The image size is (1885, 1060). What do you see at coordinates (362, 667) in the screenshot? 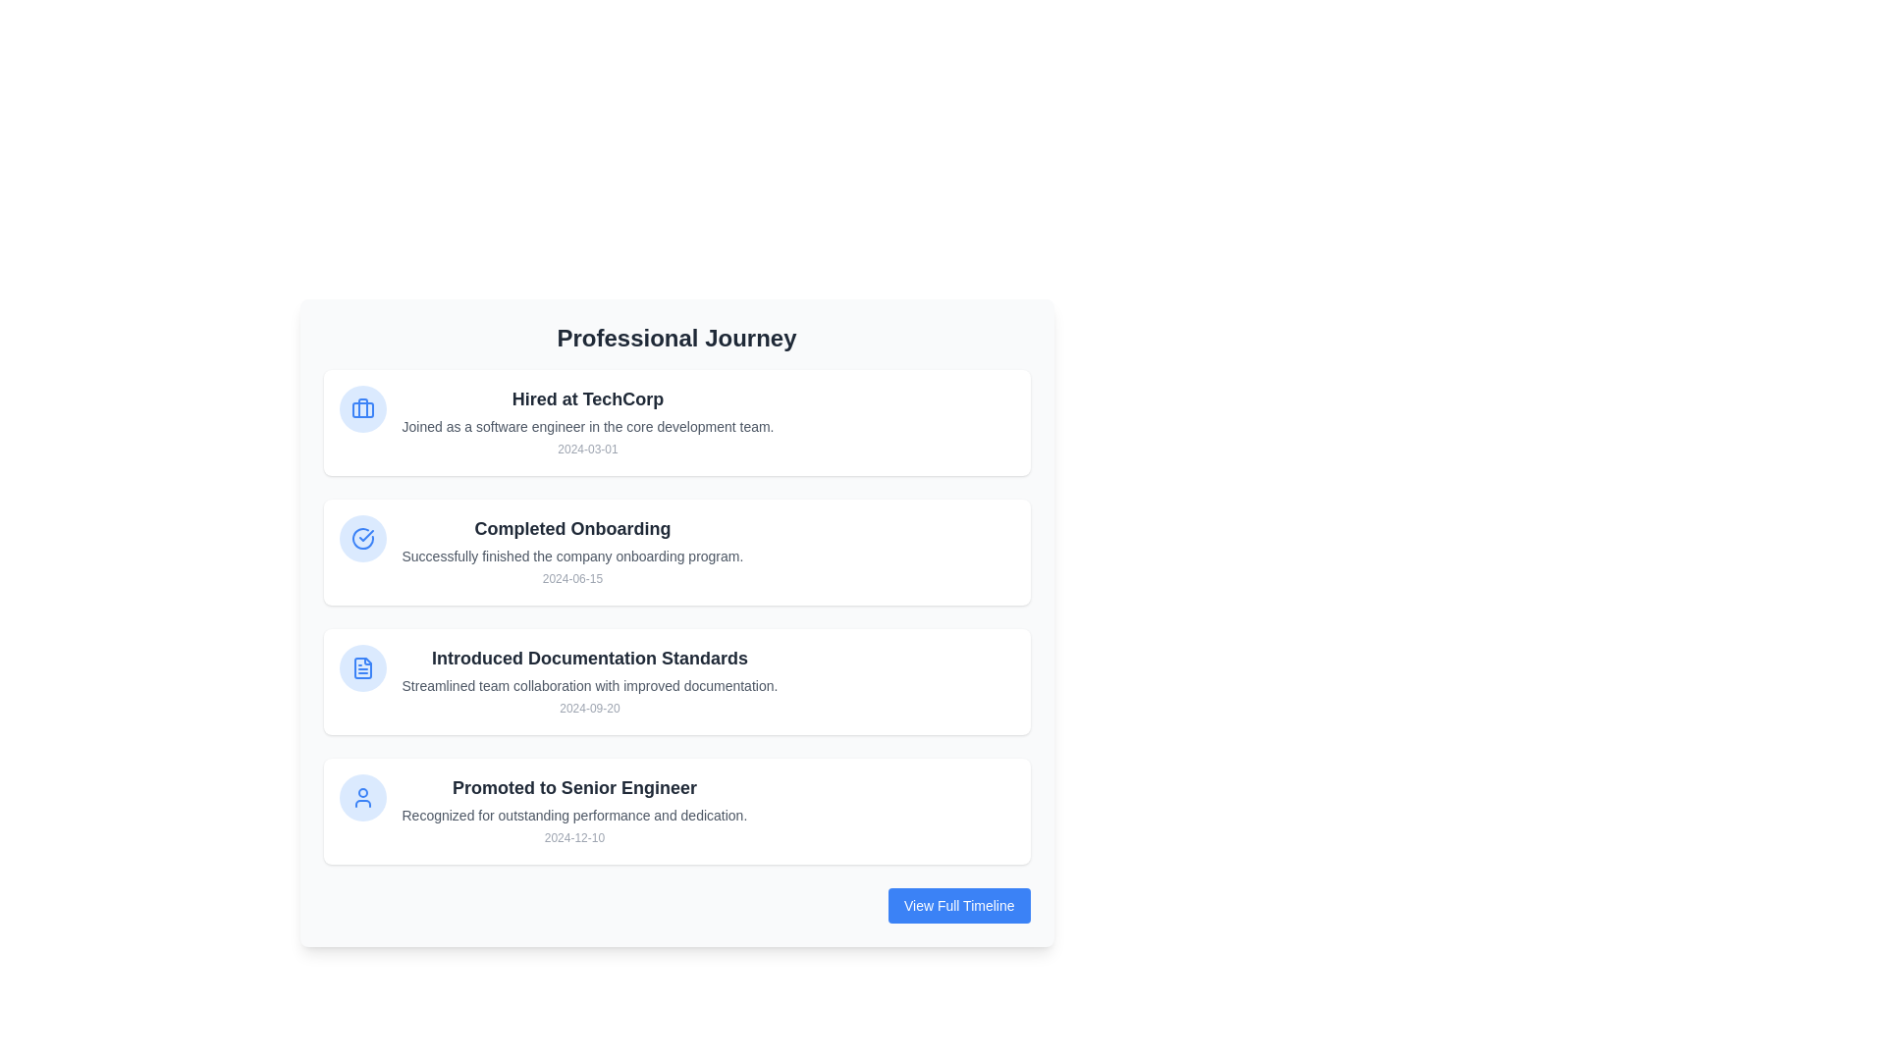
I see `the light blue SVG icon representing a document or file that precedes the 'Introduced Documentation Standards' section in the milestones list` at bounding box center [362, 667].